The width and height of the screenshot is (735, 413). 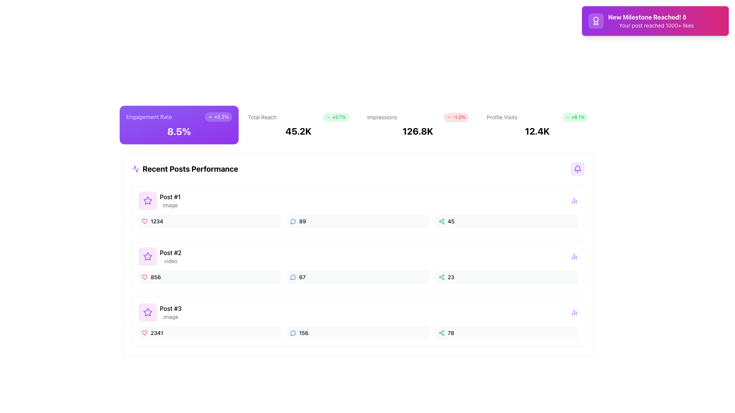 I want to click on the green share icon in the third row of the 'Recent Posts Performance' table, located at the far right adjacent to the numeric value '78', so click(x=441, y=333).